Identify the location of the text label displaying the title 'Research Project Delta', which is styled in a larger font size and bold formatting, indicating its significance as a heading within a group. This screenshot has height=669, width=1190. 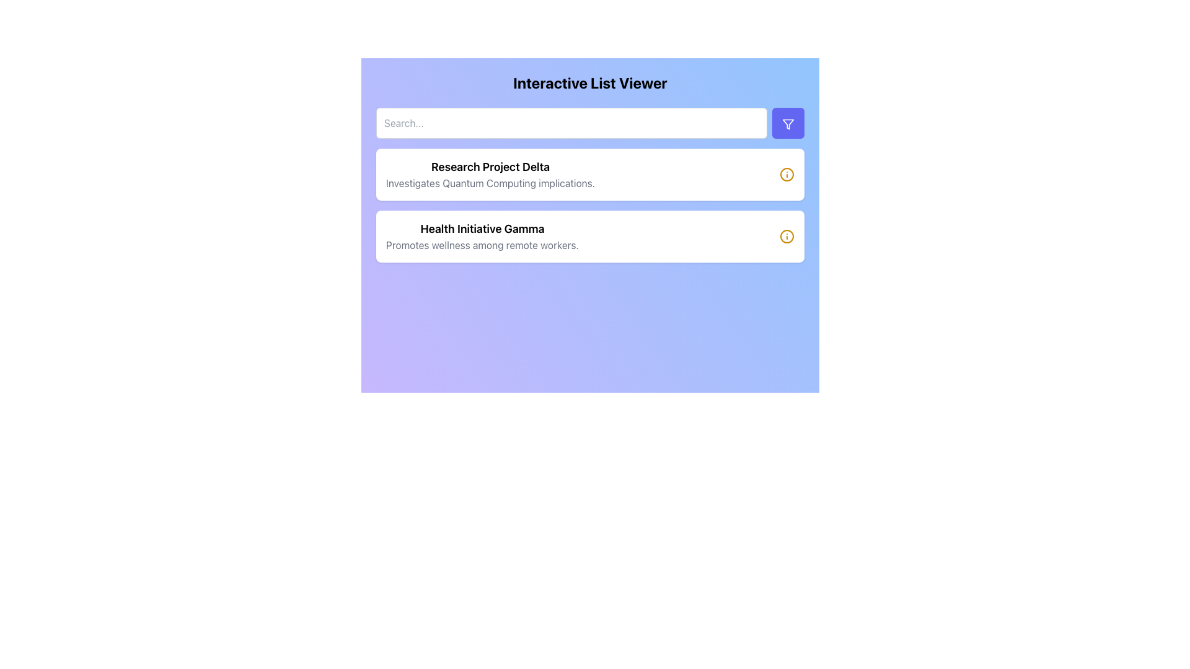
(490, 167).